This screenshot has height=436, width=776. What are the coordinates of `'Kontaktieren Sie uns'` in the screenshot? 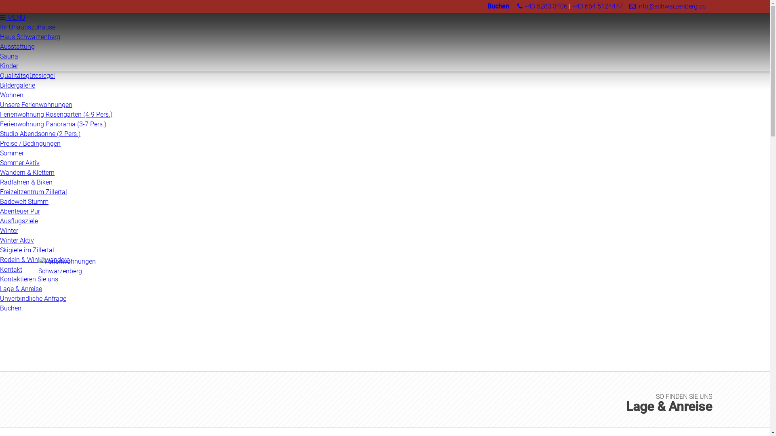 It's located at (0, 279).